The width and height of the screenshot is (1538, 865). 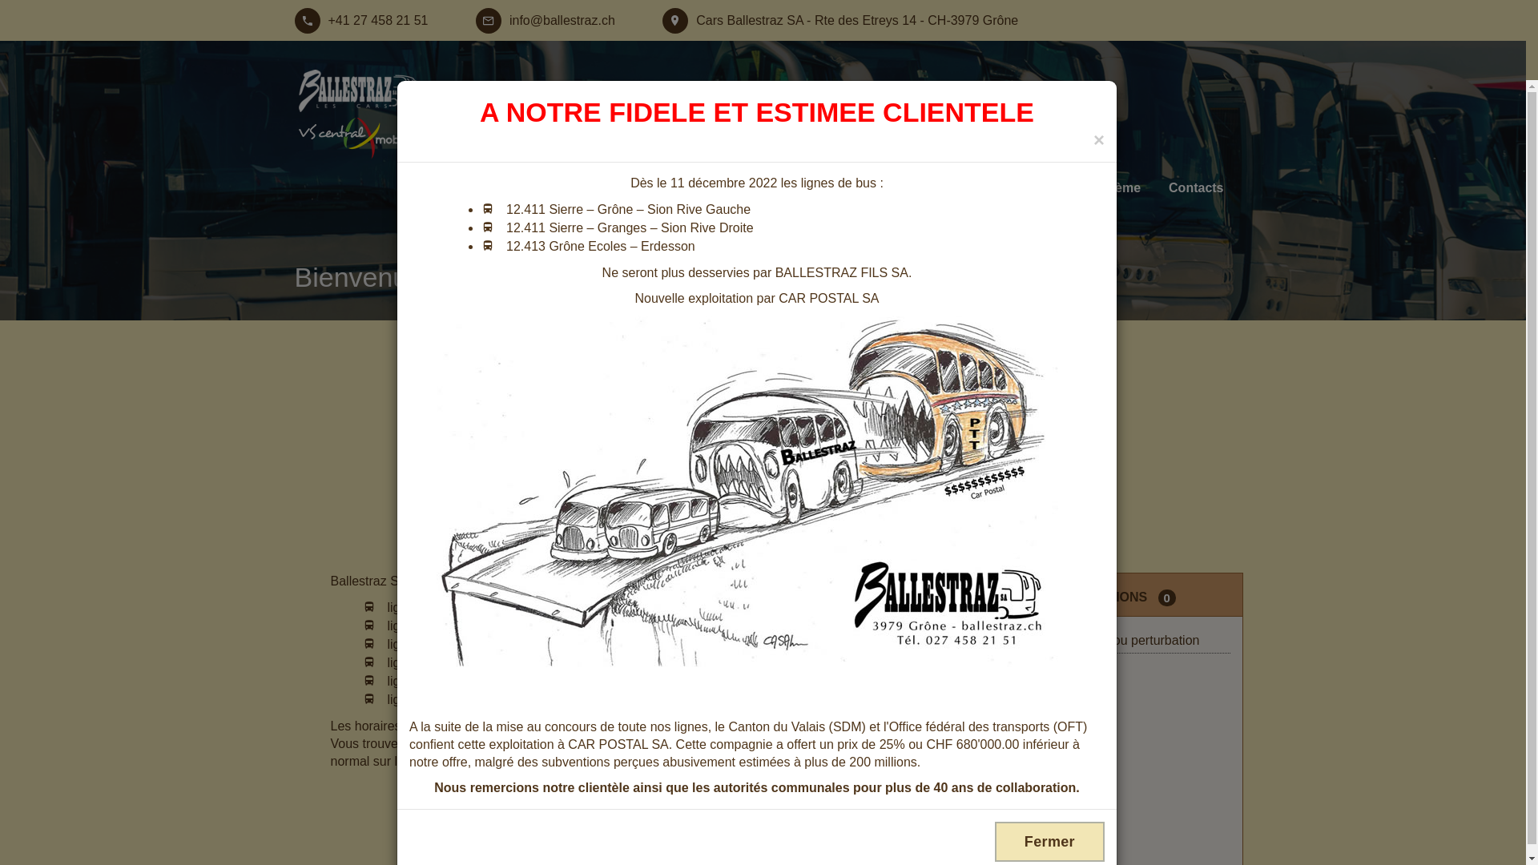 I want to click on 'Fermer', so click(x=994, y=840).